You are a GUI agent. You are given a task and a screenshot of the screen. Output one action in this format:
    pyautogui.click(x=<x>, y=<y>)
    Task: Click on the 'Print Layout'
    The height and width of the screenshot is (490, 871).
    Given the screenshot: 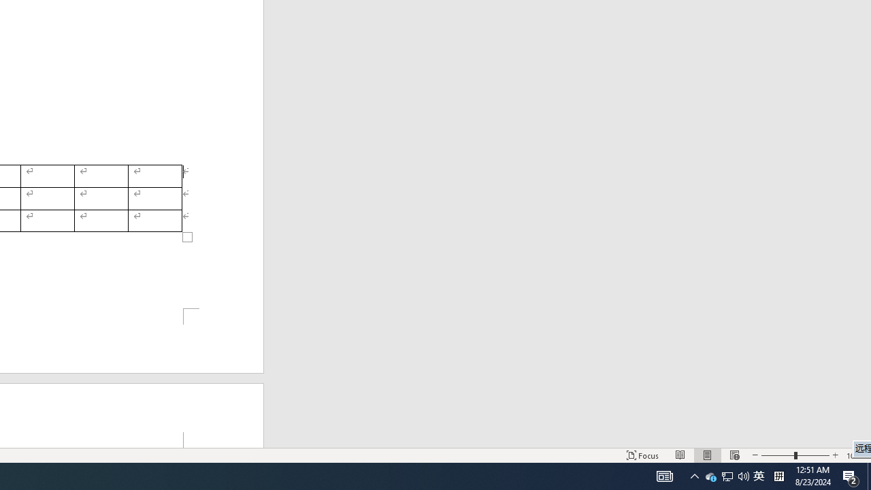 What is the action you would take?
    pyautogui.click(x=734, y=455)
    